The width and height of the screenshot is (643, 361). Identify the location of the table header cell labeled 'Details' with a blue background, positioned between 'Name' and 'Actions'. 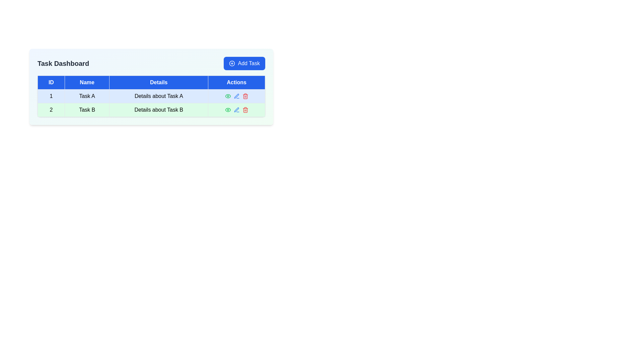
(158, 82).